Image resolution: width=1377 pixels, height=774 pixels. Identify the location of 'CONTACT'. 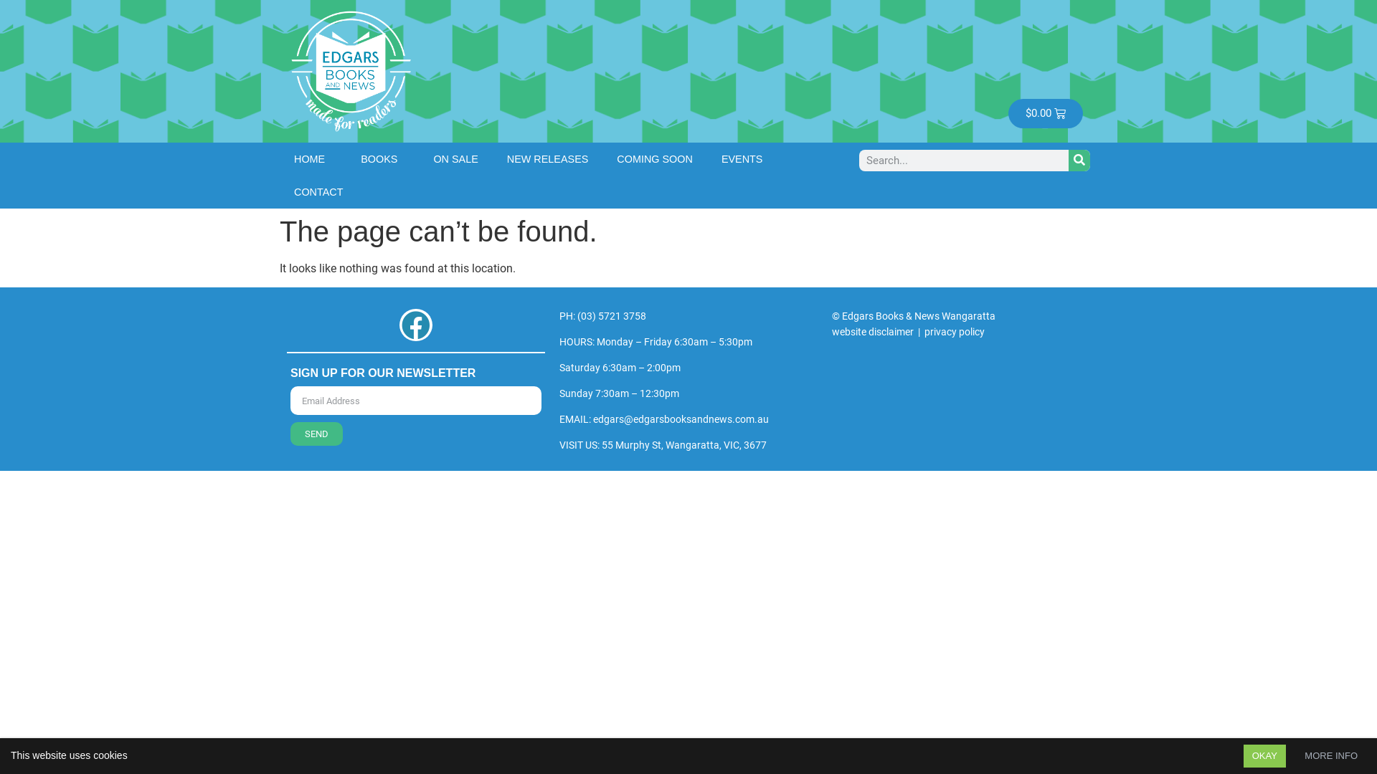
(318, 190).